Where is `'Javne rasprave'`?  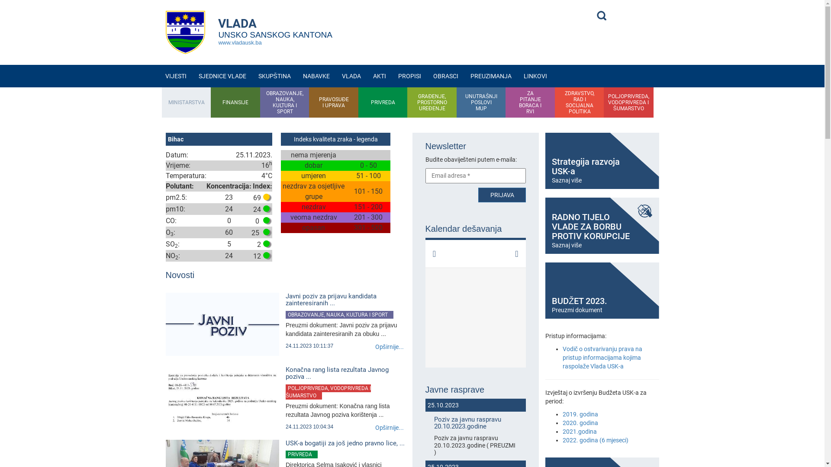 'Javne rasprave' is located at coordinates (475, 390).